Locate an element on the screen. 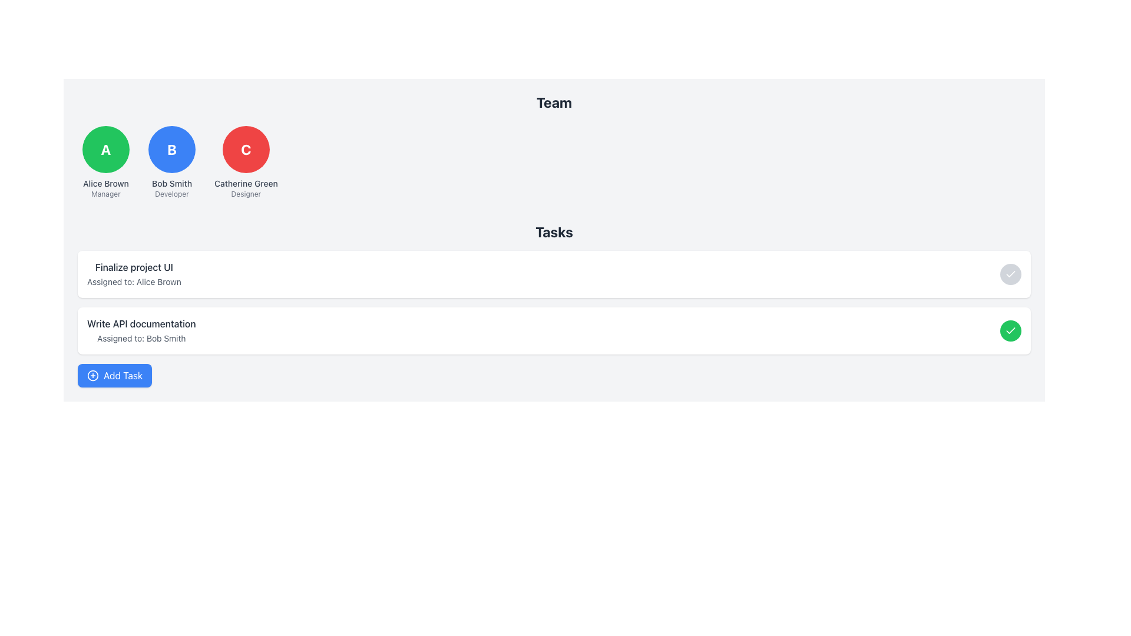 Image resolution: width=1131 pixels, height=636 pixels. text of the second task label in the 'Tasks' section, which is located above 'Assigned to: Bob Smith' is located at coordinates (141, 324).